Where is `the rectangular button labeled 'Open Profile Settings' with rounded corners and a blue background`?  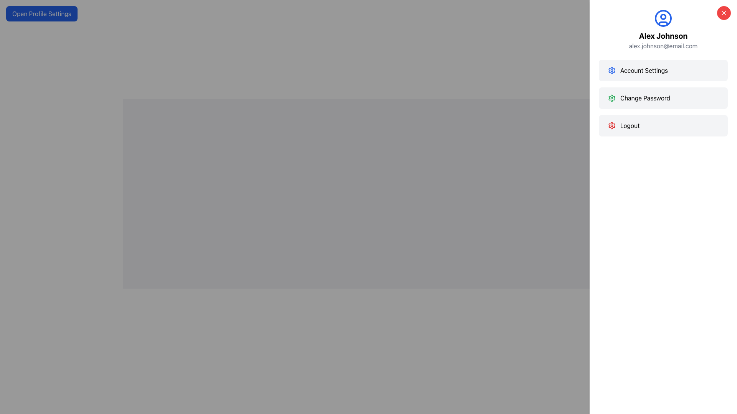 the rectangular button labeled 'Open Profile Settings' with rounded corners and a blue background is located at coordinates (41, 13).